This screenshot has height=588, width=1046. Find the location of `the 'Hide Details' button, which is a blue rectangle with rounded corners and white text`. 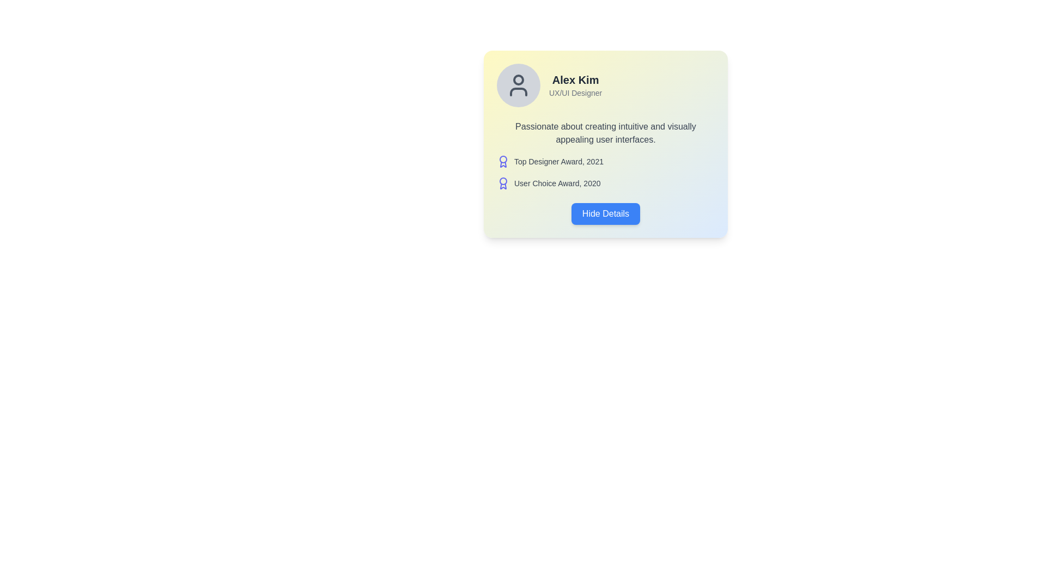

the 'Hide Details' button, which is a blue rectangle with rounded corners and white text is located at coordinates (605, 214).